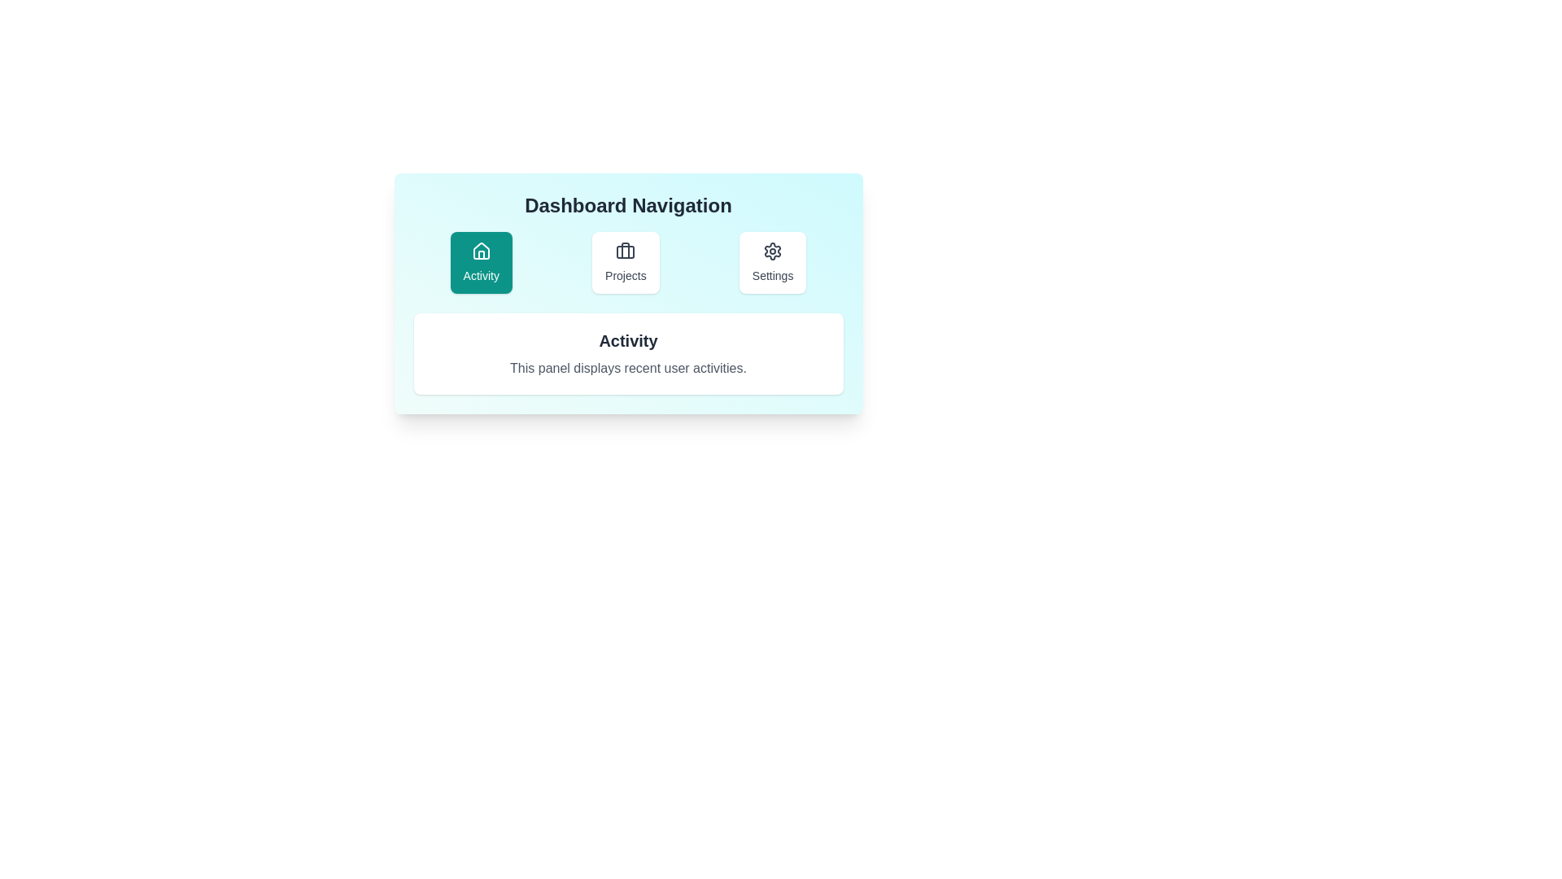 The width and height of the screenshot is (1562, 879). I want to click on the teal-green button with a house icon and the text 'Activity', so click(480, 262).